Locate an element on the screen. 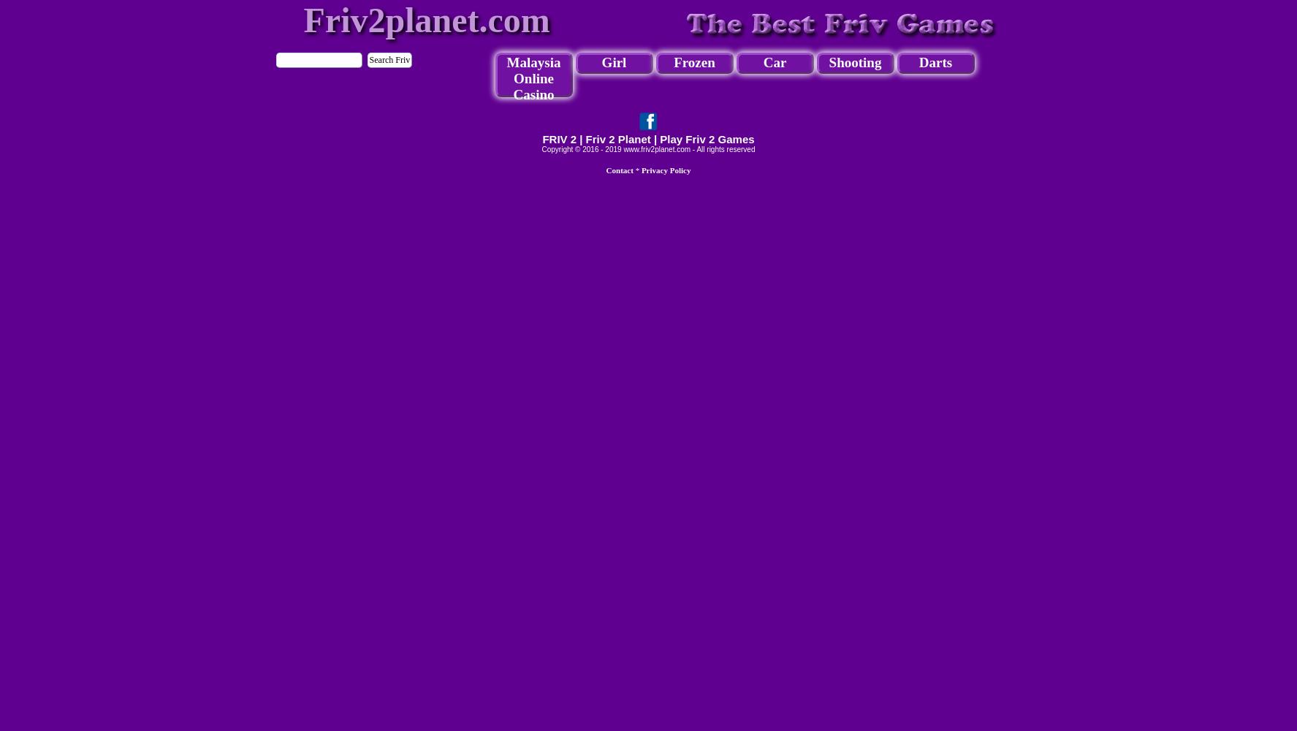 The width and height of the screenshot is (1297, 731). 'Malaysia Online Casino' is located at coordinates (533, 77).